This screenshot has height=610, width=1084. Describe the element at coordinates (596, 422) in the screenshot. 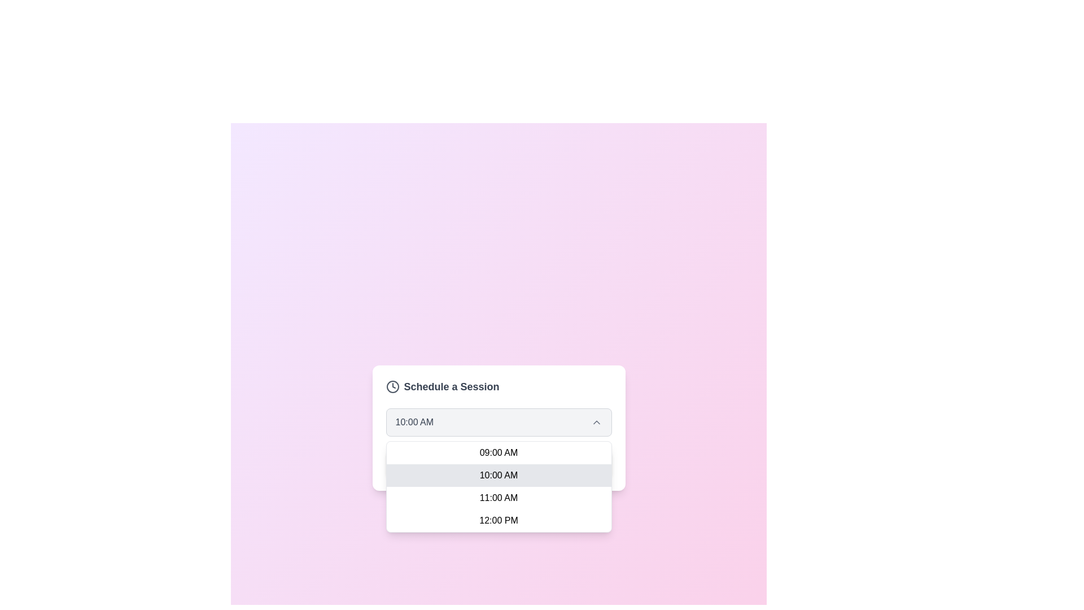

I see `the upward-oriented icon located at the right end of the '10:00 AM' dropdown menu` at that location.